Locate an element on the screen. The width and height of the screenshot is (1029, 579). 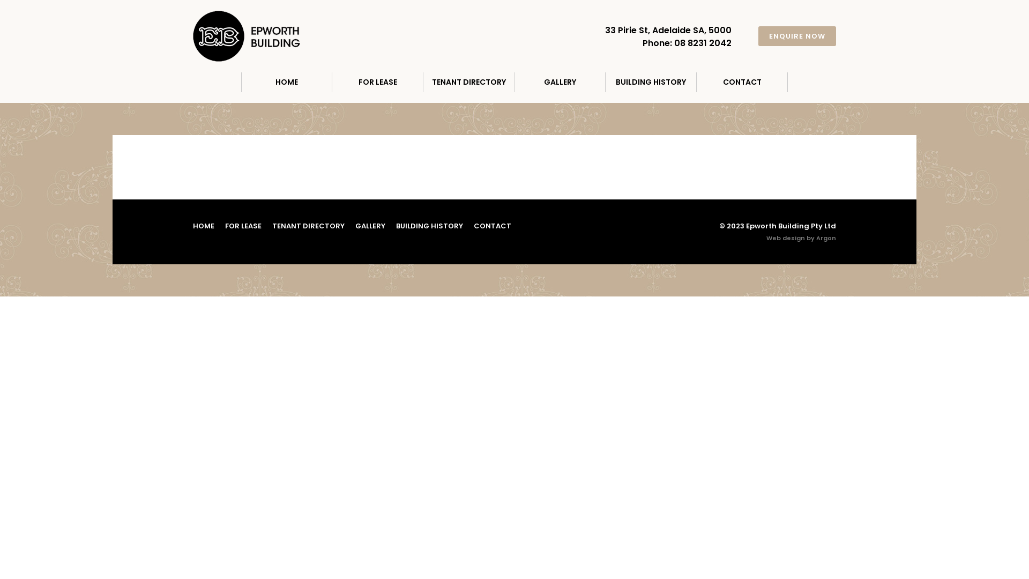
'HOME' is located at coordinates (193, 225).